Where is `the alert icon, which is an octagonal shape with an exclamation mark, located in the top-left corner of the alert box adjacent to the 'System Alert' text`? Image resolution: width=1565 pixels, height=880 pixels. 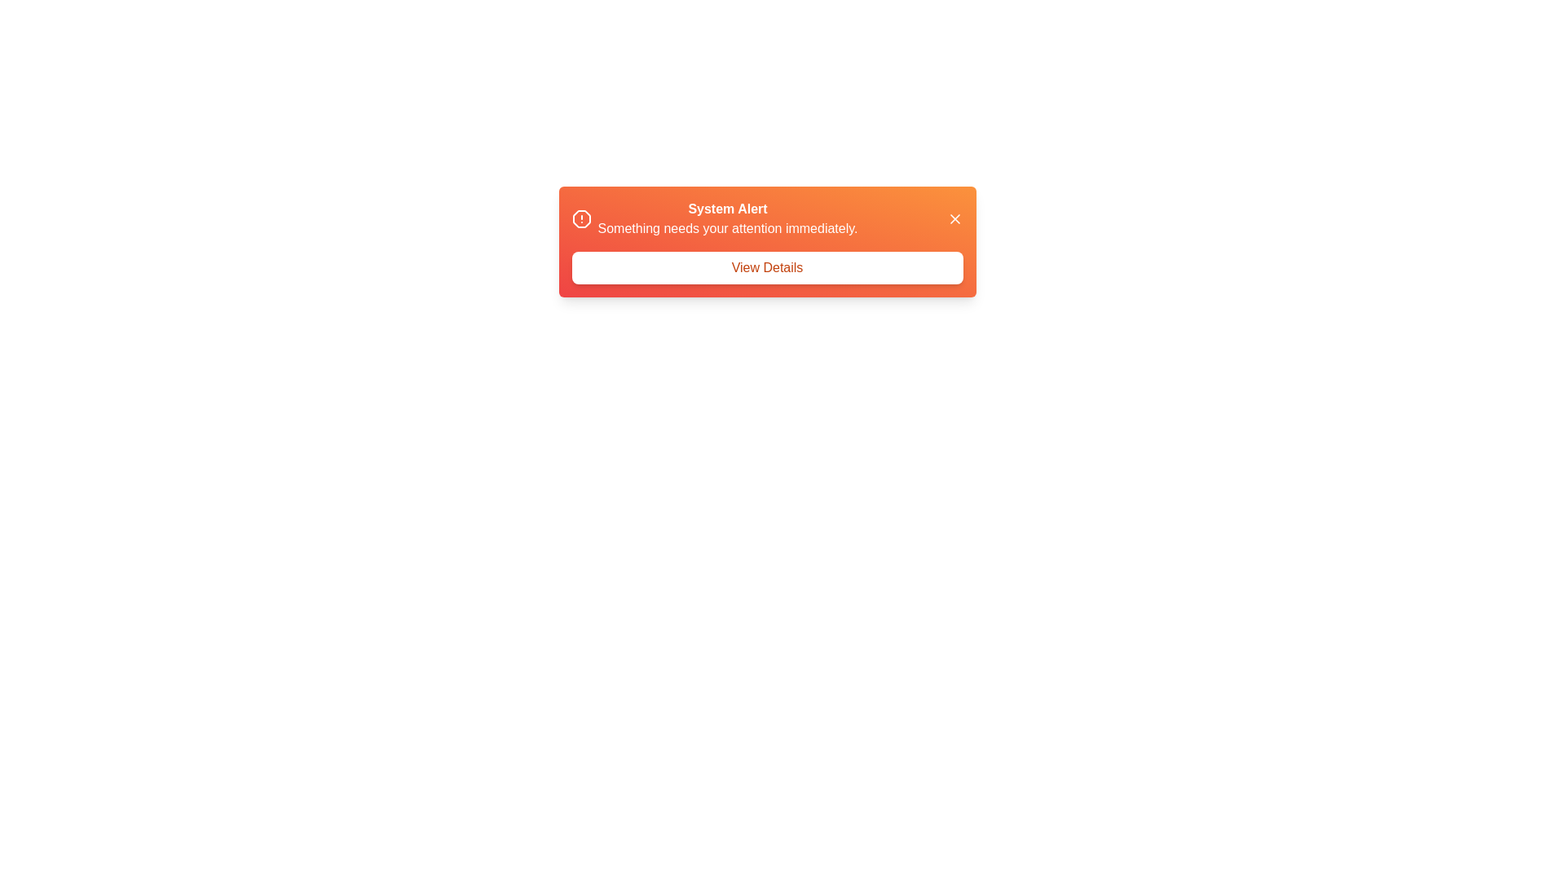
the alert icon, which is an octagonal shape with an exclamation mark, located in the top-left corner of the alert box adjacent to the 'System Alert' text is located at coordinates (581, 218).